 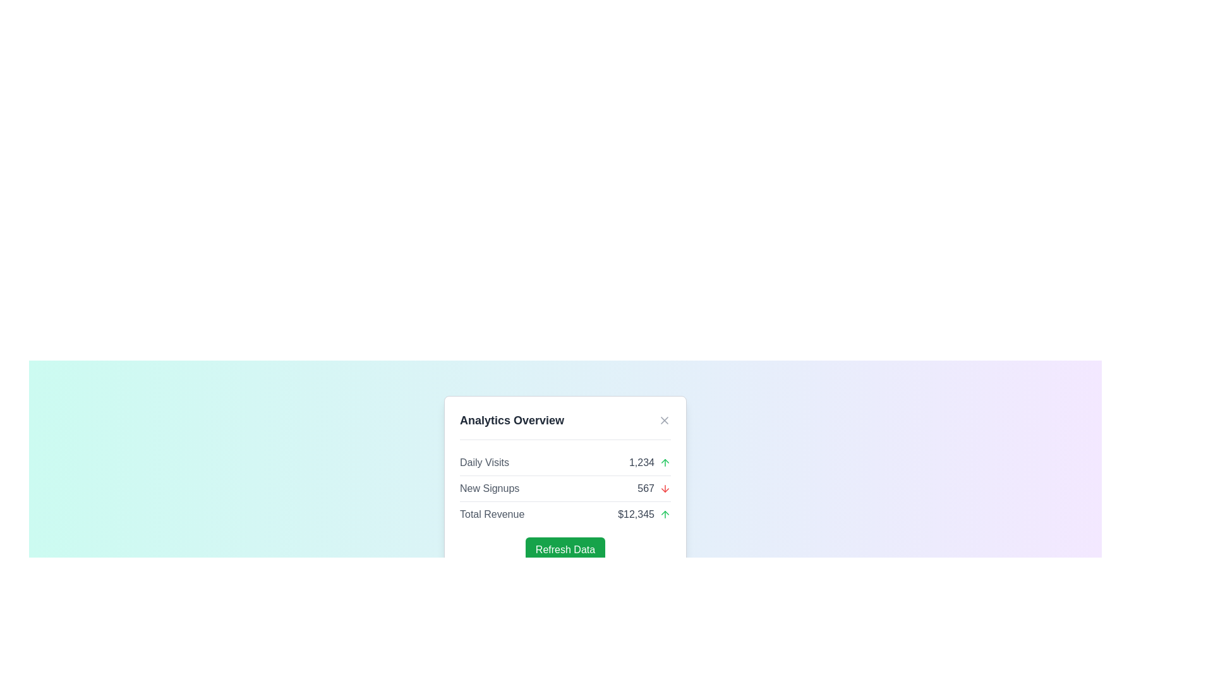 What do you see at coordinates (484, 462) in the screenshot?
I see `the Text label that indicates the statistic for 'Daily Visits 1,234', which is positioned on the left side of the numerical value '1,234'` at bounding box center [484, 462].